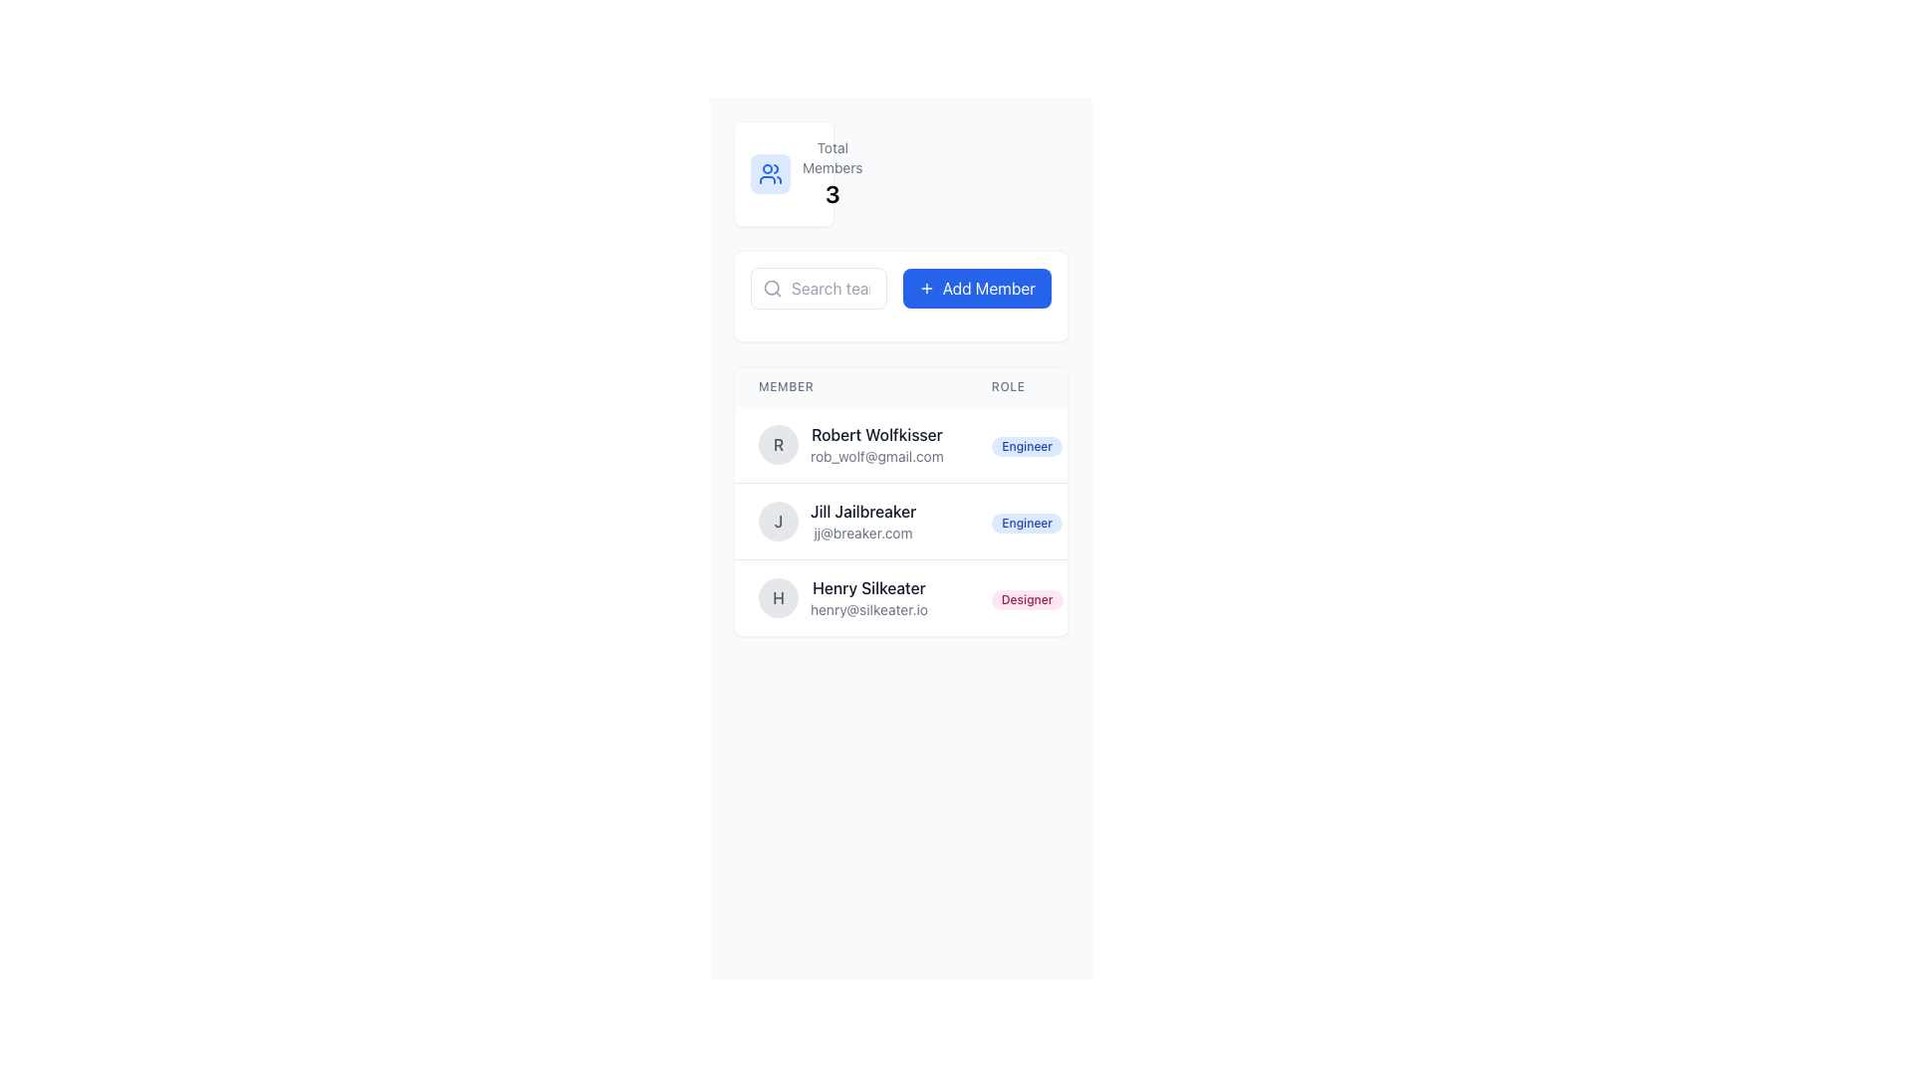 Image resolution: width=1912 pixels, height=1075 pixels. What do you see at coordinates (783, 172) in the screenshot?
I see `blue icon resembling a stylized group of three people, located to the left of the 'Total Members' text and above the number '3'` at bounding box center [783, 172].